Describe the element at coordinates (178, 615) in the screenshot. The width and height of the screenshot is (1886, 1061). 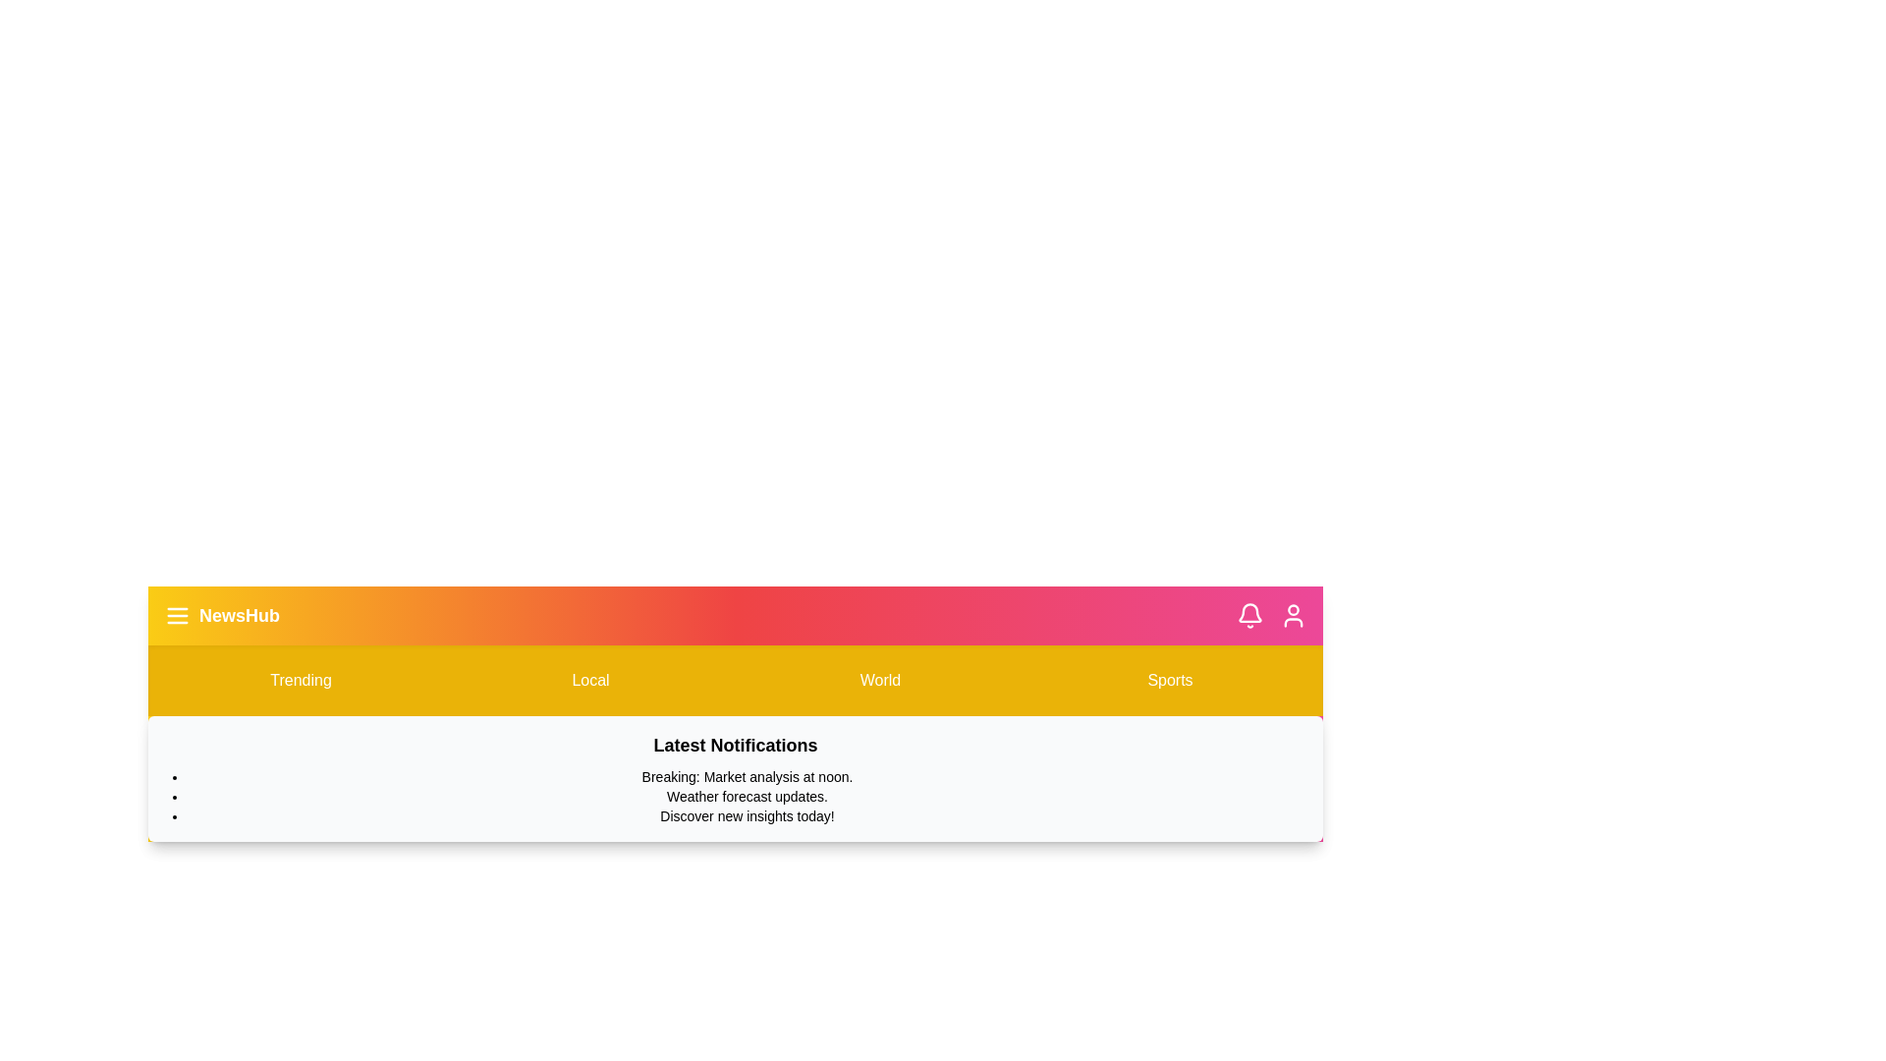
I see `the menu button to toggle the menu visibility` at that location.